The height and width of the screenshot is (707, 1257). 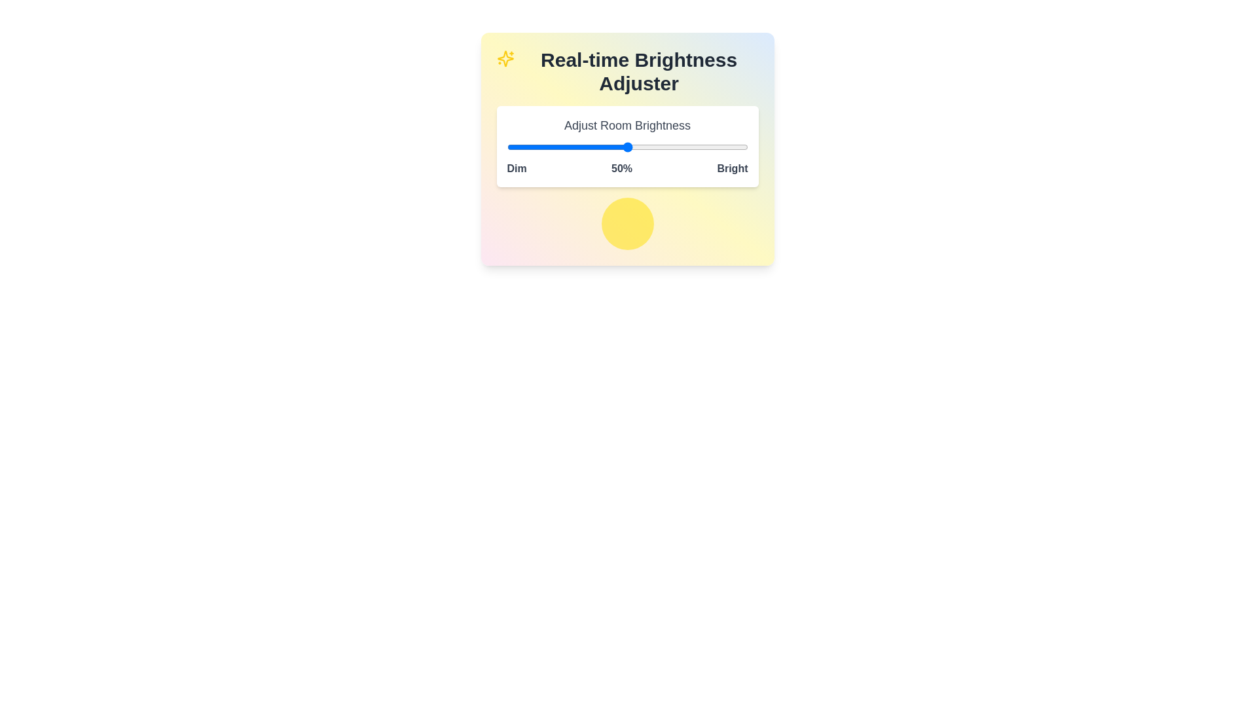 What do you see at coordinates (745, 147) in the screenshot?
I see `the brightness slider to 99%` at bounding box center [745, 147].